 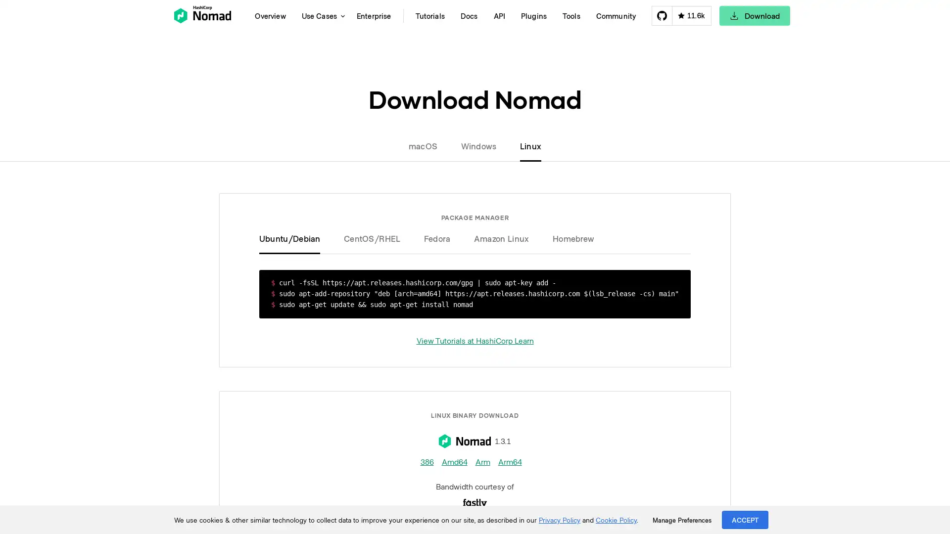 What do you see at coordinates (681, 520) in the screenshot?
I see `Manage Preferences` at bounding box center [681, 520].